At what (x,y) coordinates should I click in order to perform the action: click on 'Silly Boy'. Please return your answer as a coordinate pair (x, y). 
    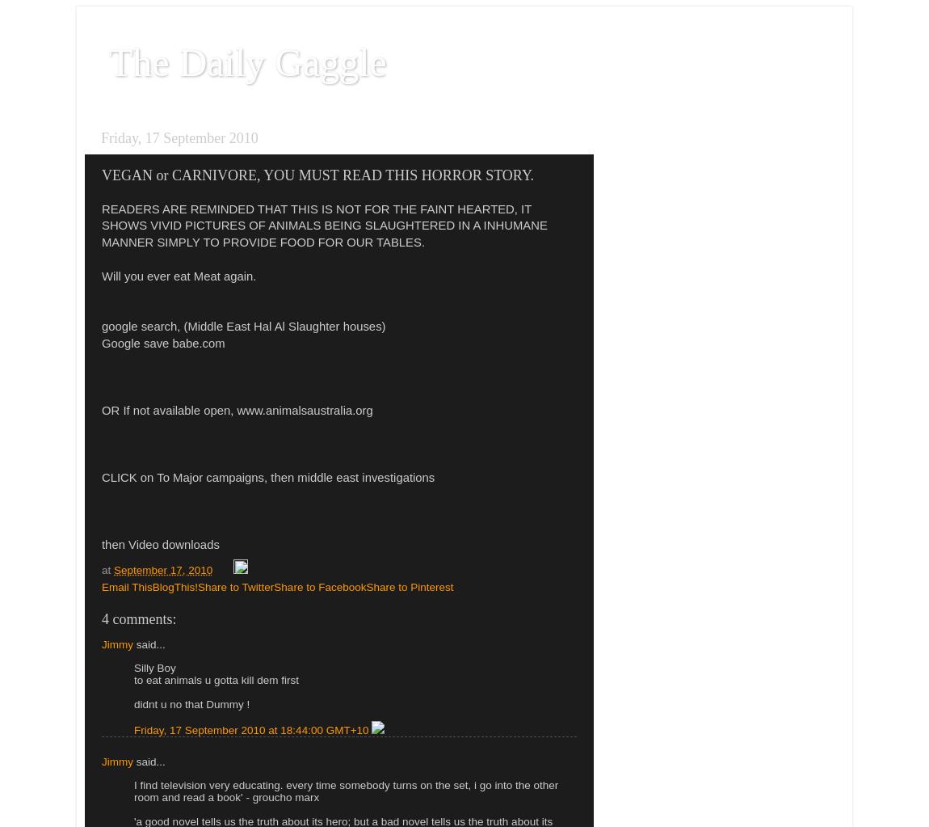
    Looking at the image, I should click on (153, 667).